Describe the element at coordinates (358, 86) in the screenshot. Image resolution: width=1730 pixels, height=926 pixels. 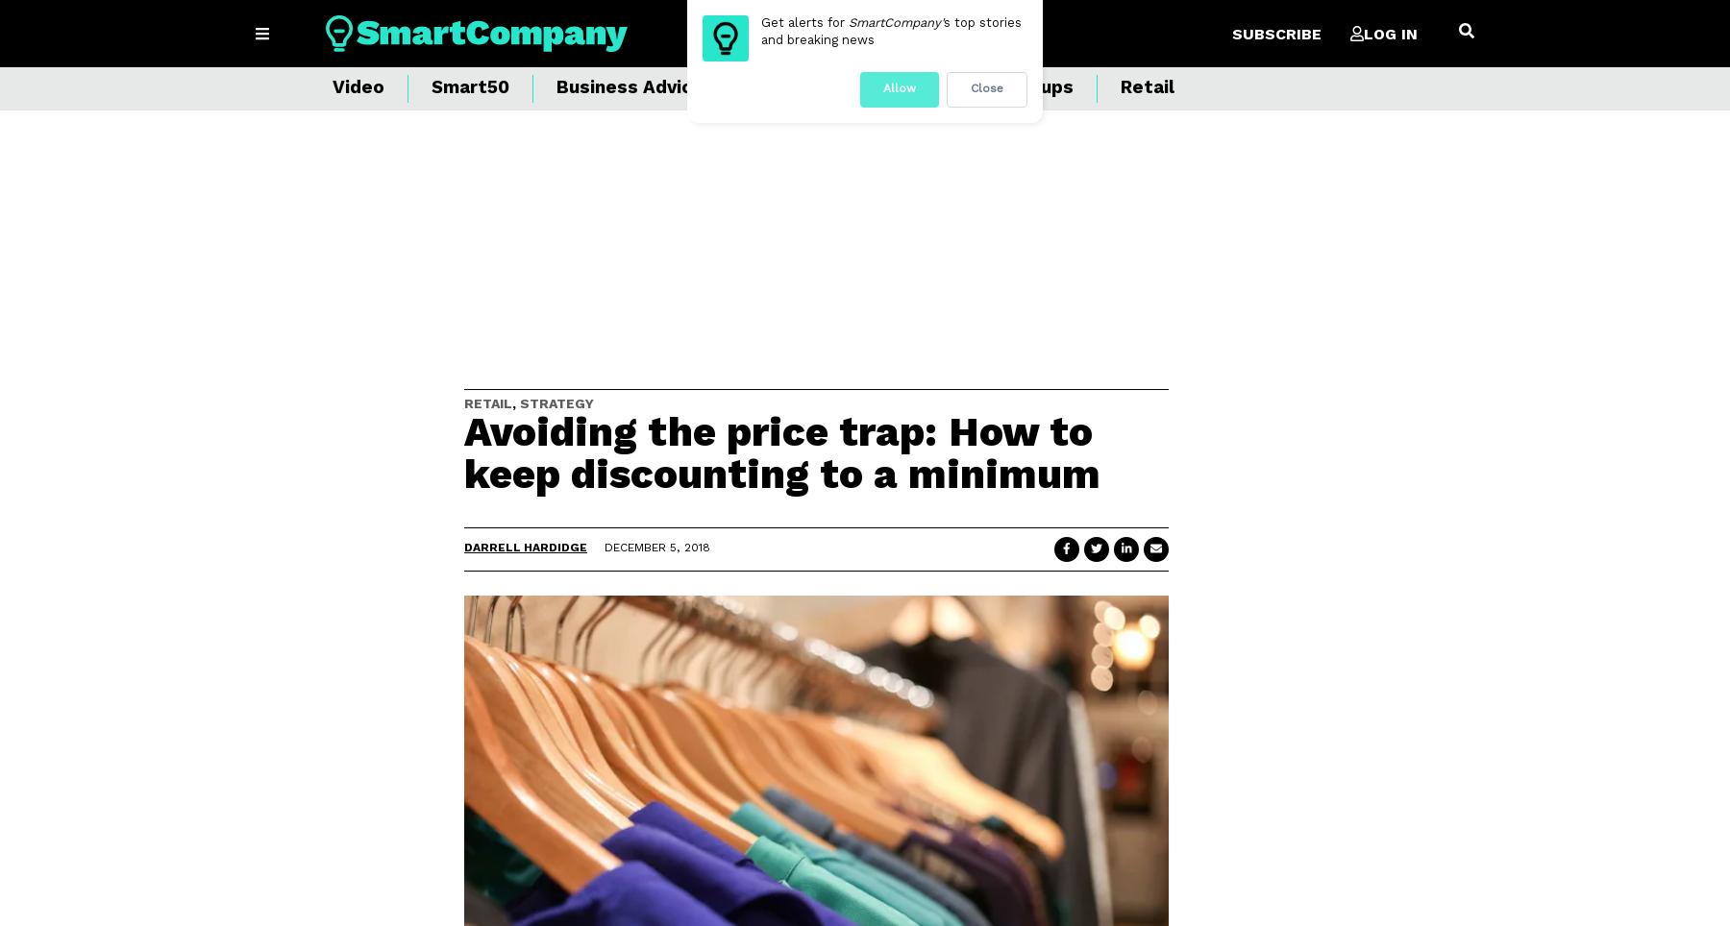
I see `'Video'` at that location.